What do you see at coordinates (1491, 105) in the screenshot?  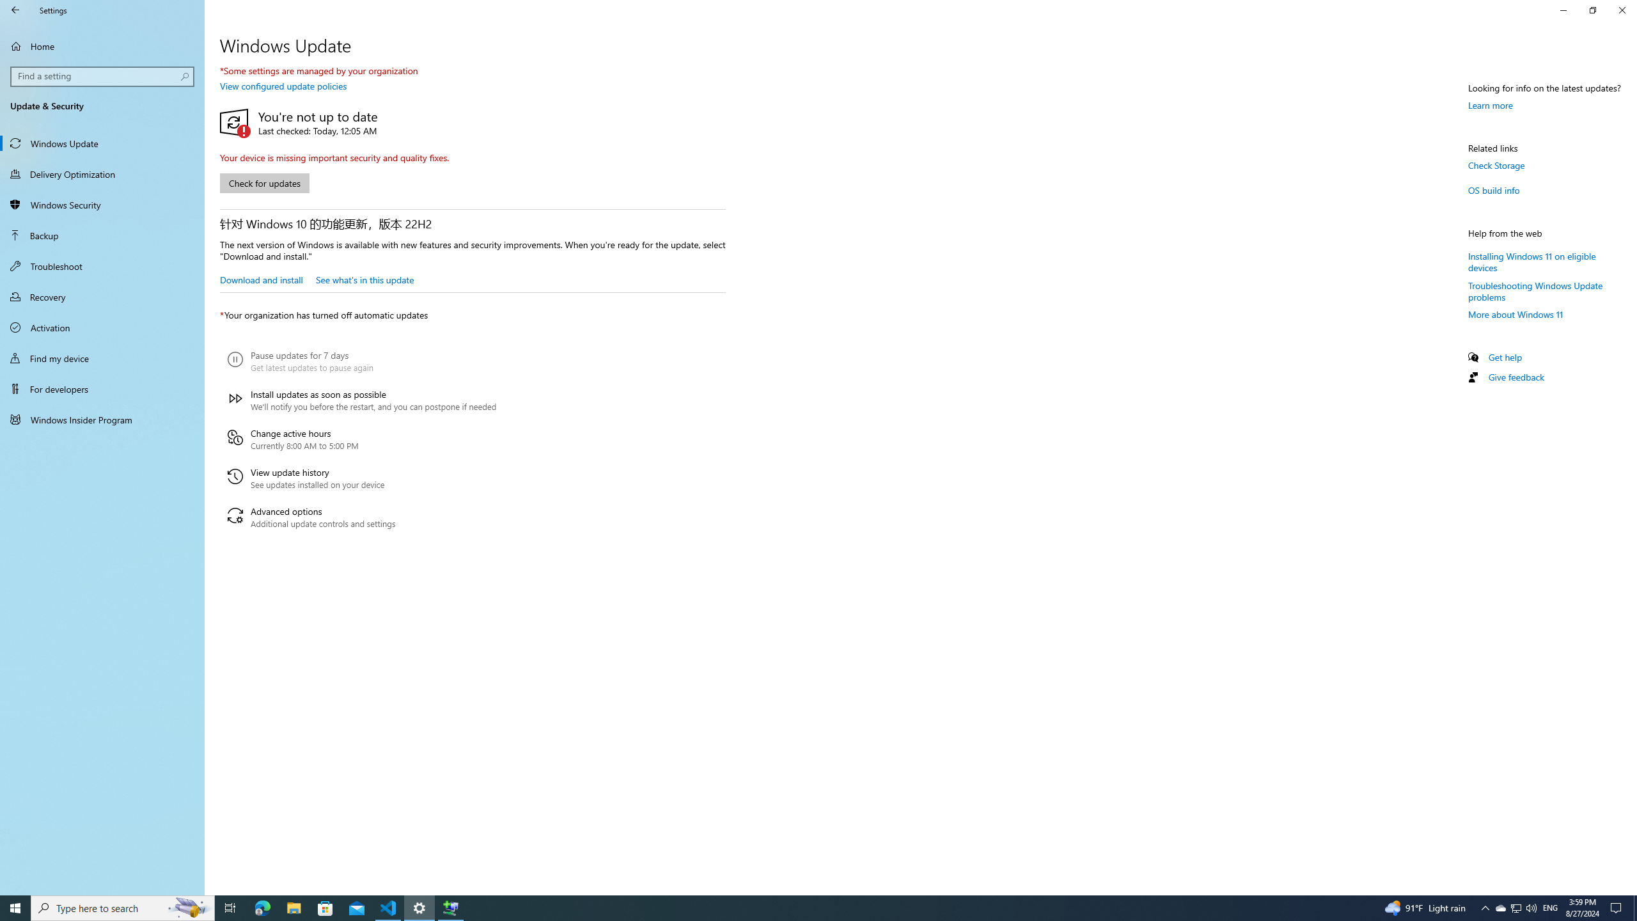 I see `'Learn more'` at bounding box center [1491, 105].